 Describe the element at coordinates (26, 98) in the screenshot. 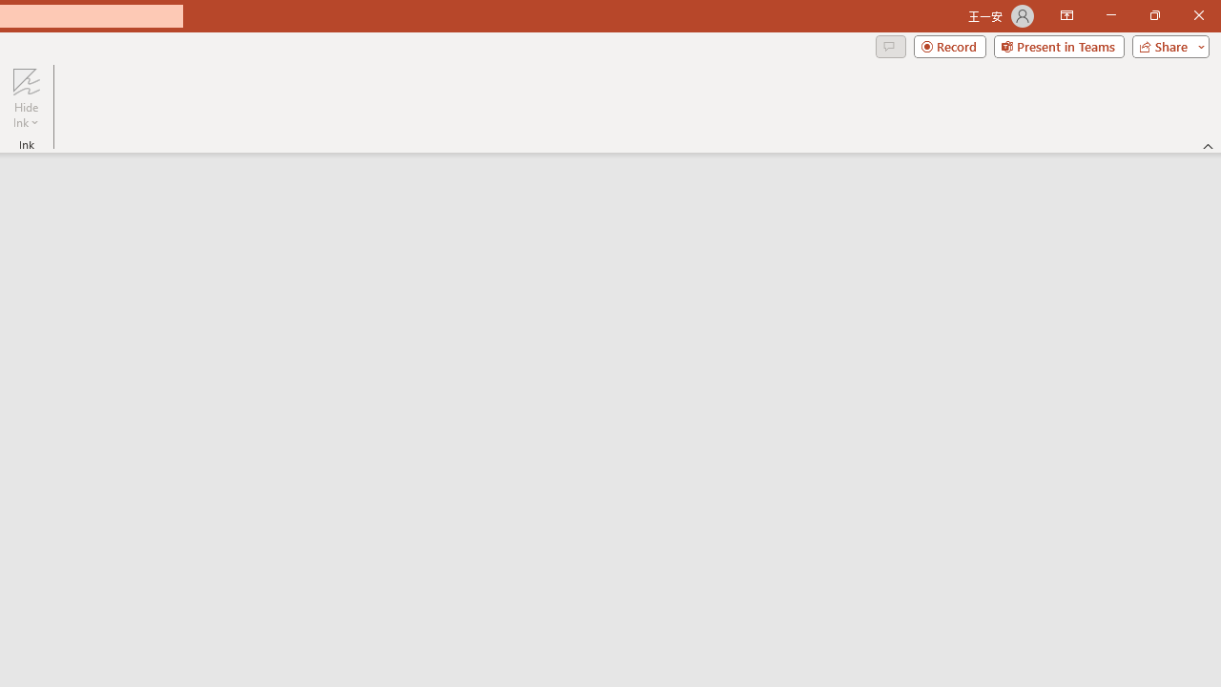

I see `'Hide Ink'` at that location.